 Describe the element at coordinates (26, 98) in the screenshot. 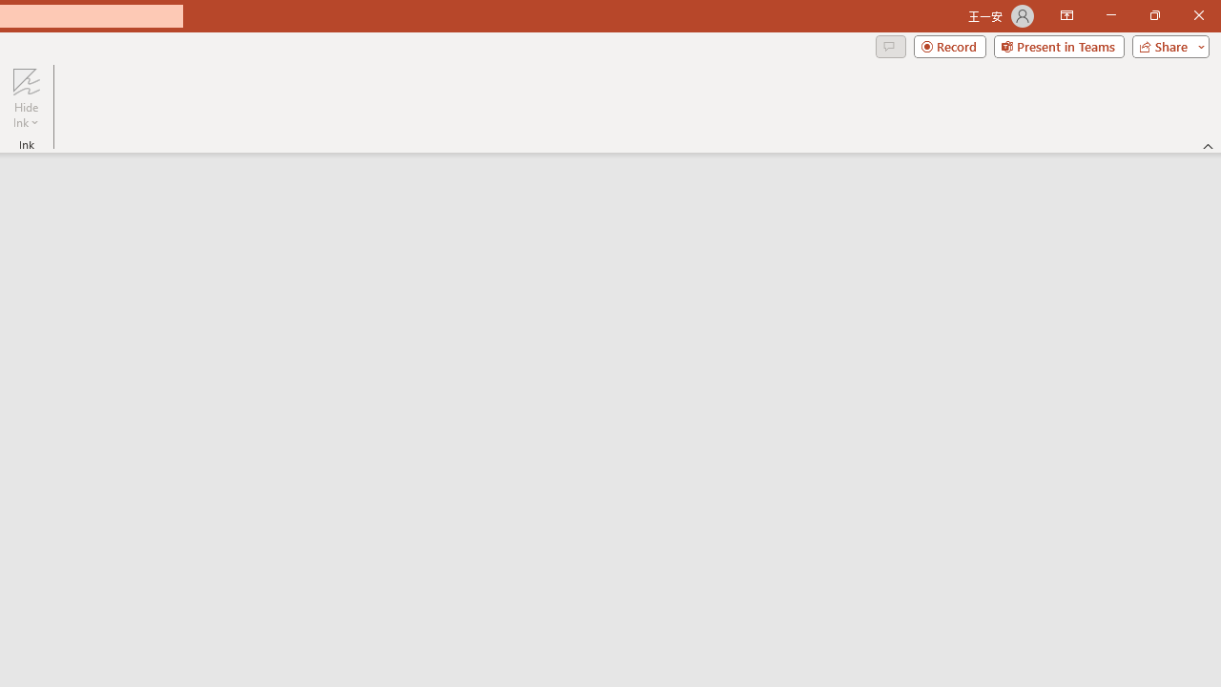

I see `'Hide Ink'` at that location.